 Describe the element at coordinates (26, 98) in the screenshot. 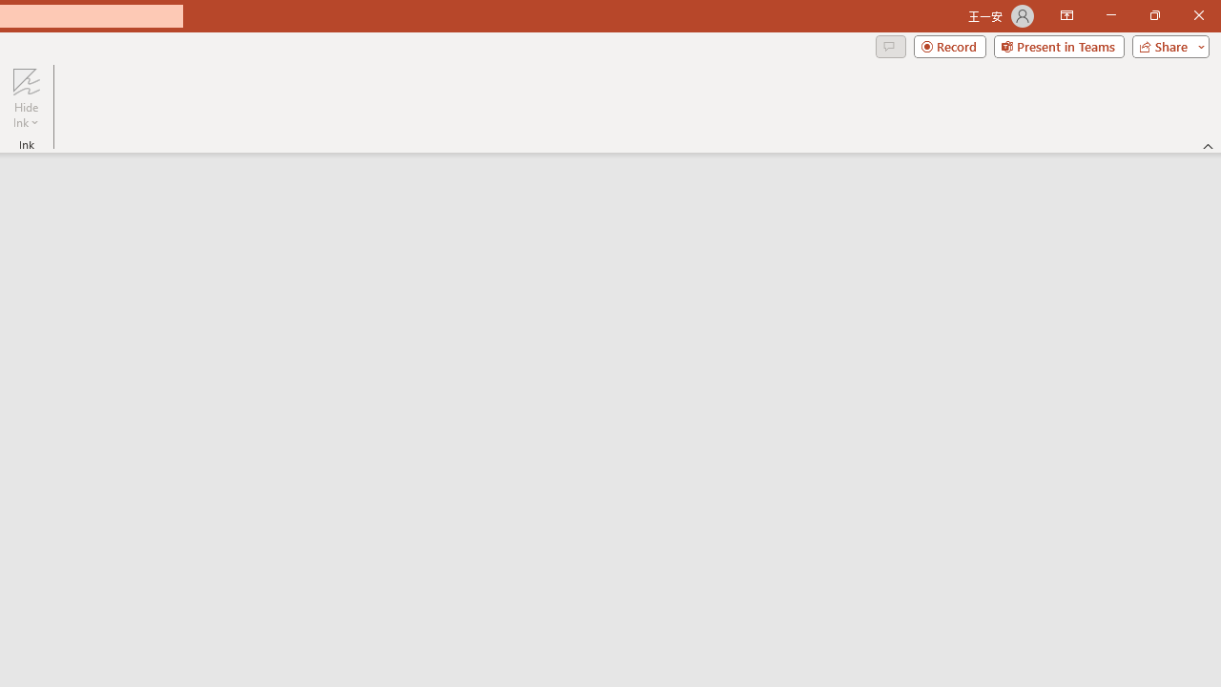

I see `'Hide Ink'` at that location.